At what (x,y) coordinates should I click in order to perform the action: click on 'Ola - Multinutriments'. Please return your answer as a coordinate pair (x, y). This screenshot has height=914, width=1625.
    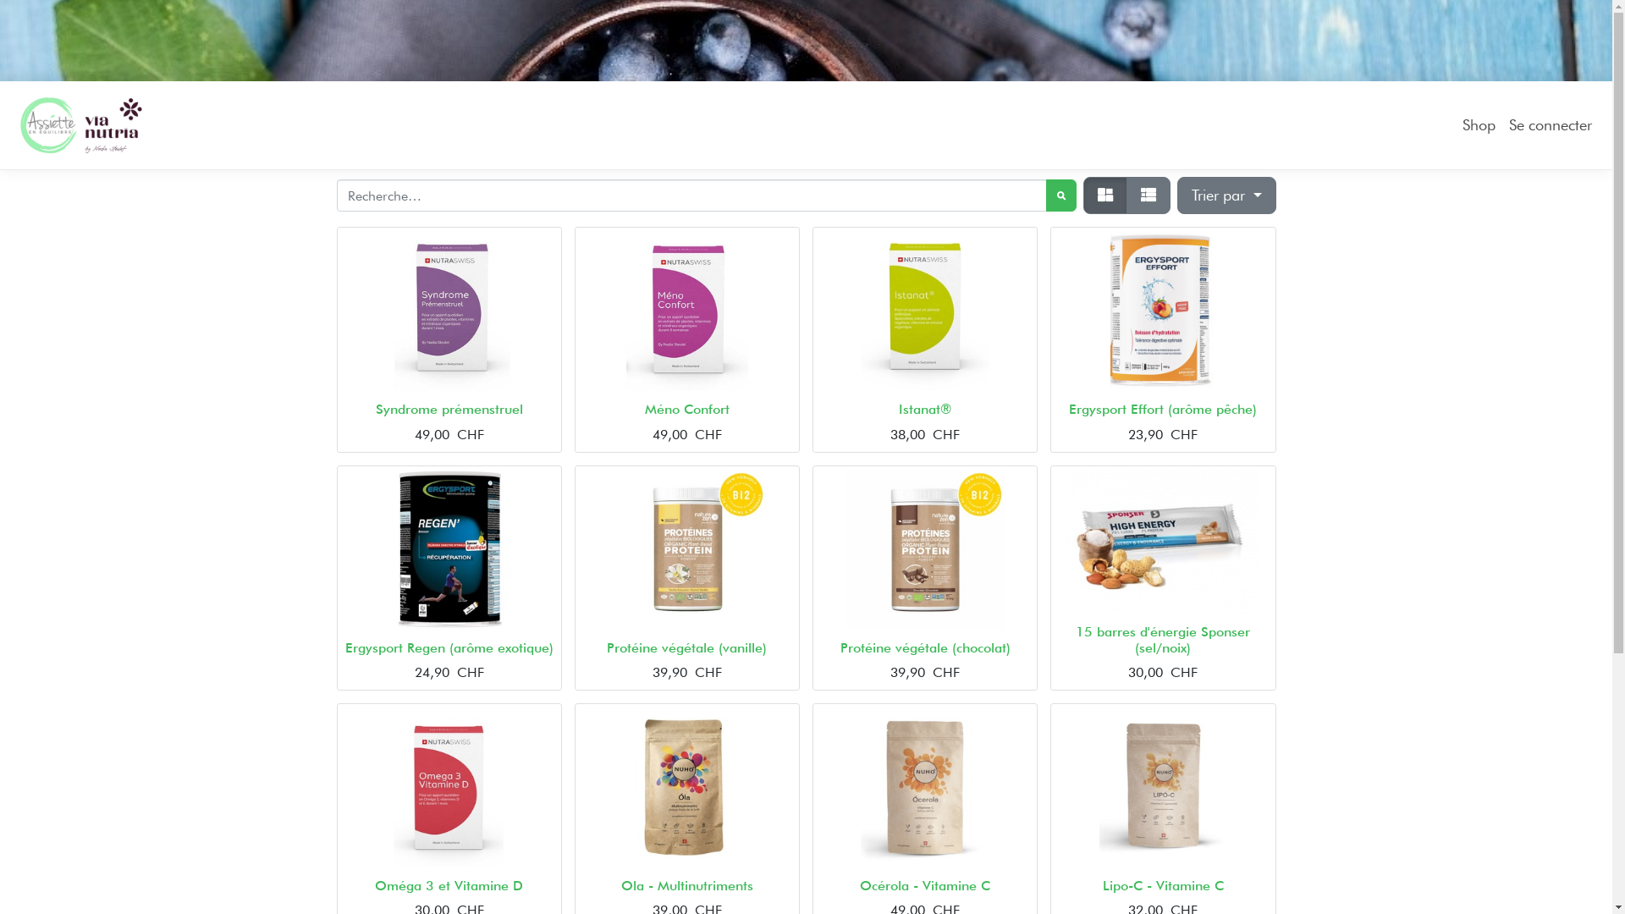
    Looking at the image, I should click on (686, 884).